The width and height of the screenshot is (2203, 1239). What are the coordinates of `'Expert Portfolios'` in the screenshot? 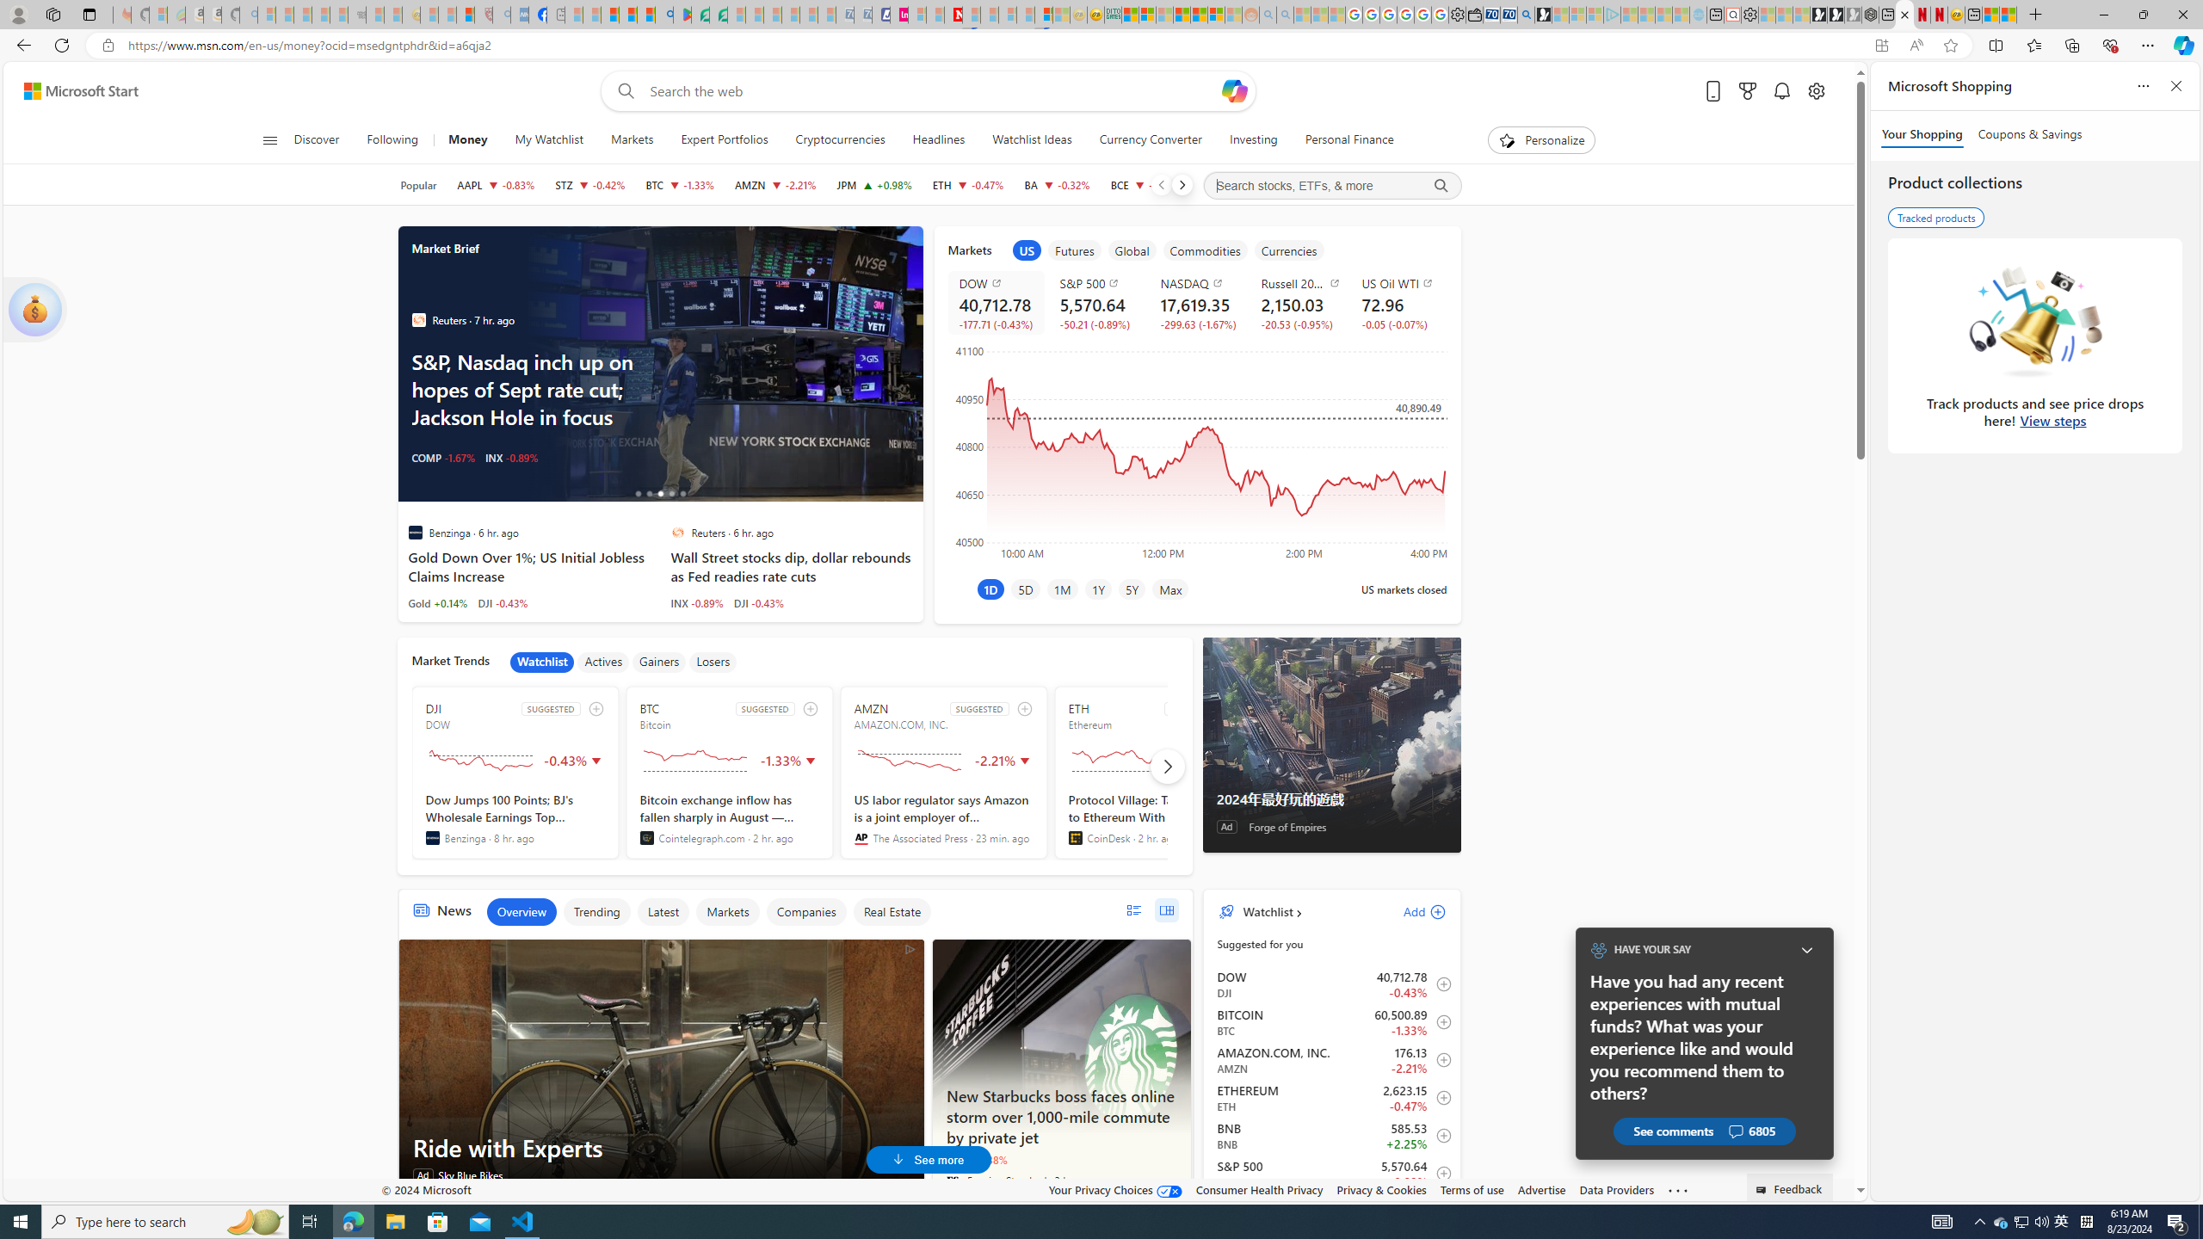 It's located at (724, 139).